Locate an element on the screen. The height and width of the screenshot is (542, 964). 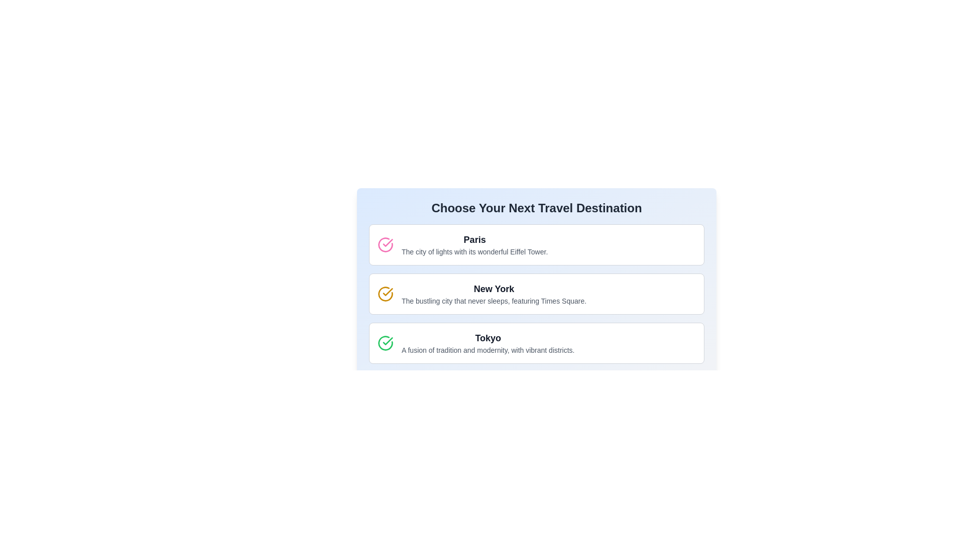
the Circular Check Icon, which is a yellow circular icon with a checkmark inside, located to the left of the text 'New York' in the second option of the travel destinations list is located at coordinates (385, 294).